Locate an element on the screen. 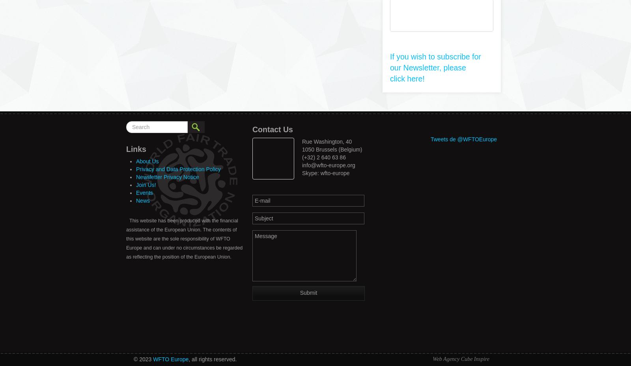 The width and height of the screenshot is (631, 366). 'Newsletter Privacy Notice' is located at coordinates (167, 177).